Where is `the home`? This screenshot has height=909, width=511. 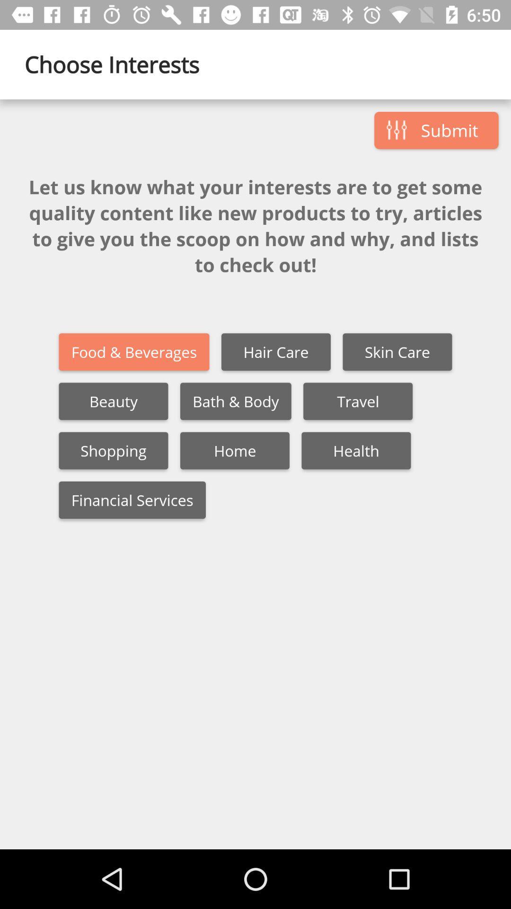 the home is located at coordinates (234, 450).